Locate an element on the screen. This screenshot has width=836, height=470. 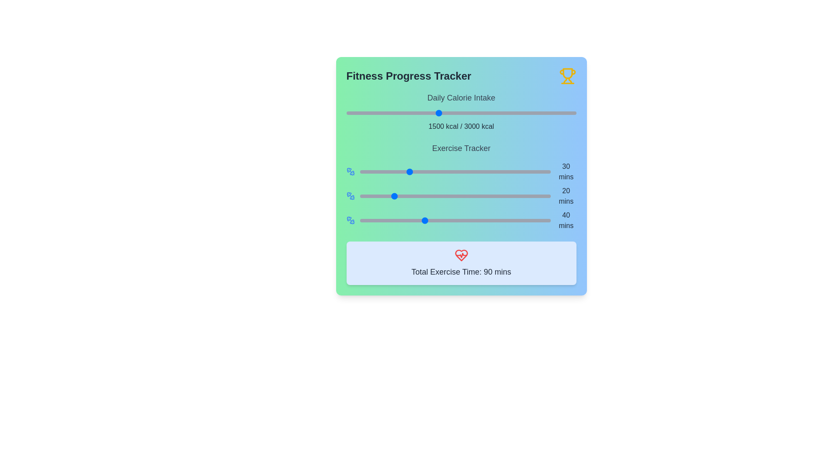
the slider control located under the 'Exercise Tracker' section to change its value, which is currently set to 40 is located at coordinates (455, 220).